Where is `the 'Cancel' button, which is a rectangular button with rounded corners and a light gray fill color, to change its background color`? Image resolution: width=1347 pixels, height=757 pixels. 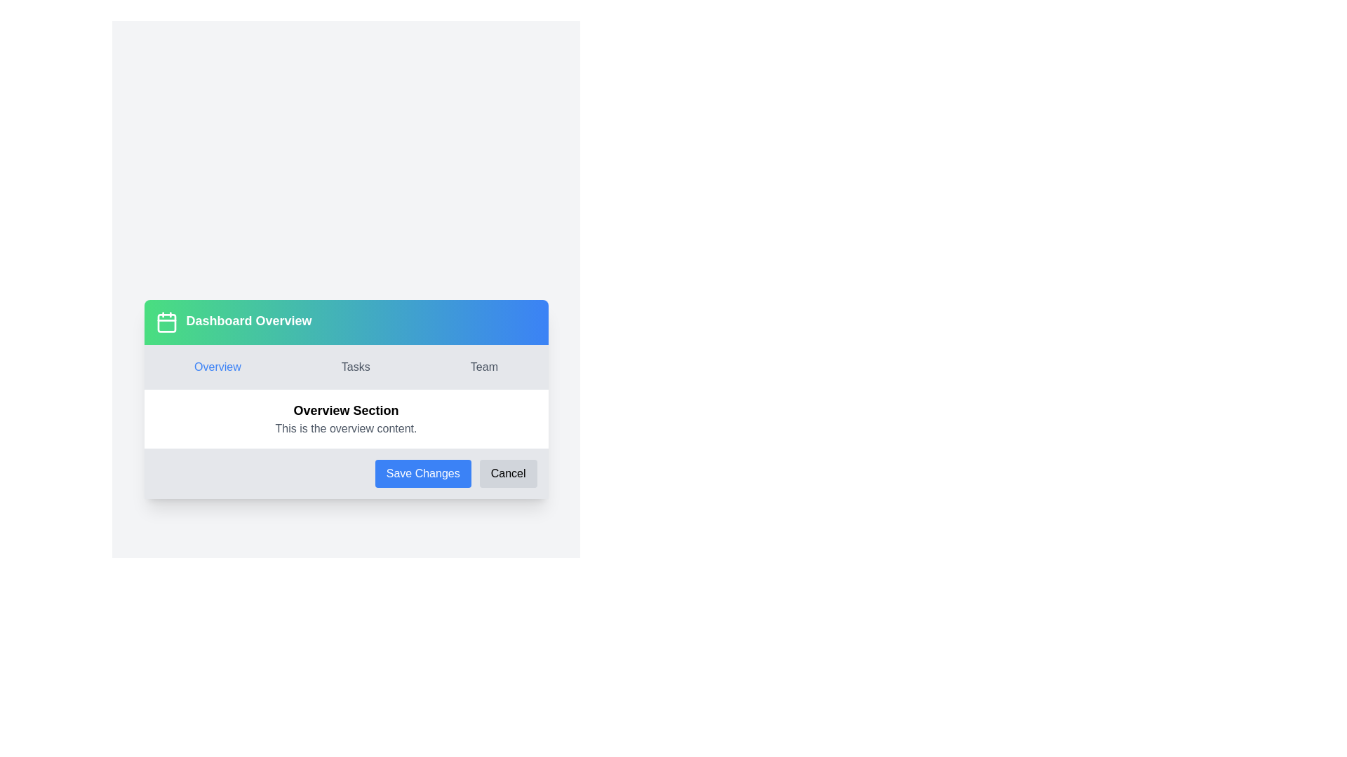 the 'Cancel' button, which is a rectangular button with rounded corners and a light gray fill color, to change its background color is located at coordinates (507, 473).